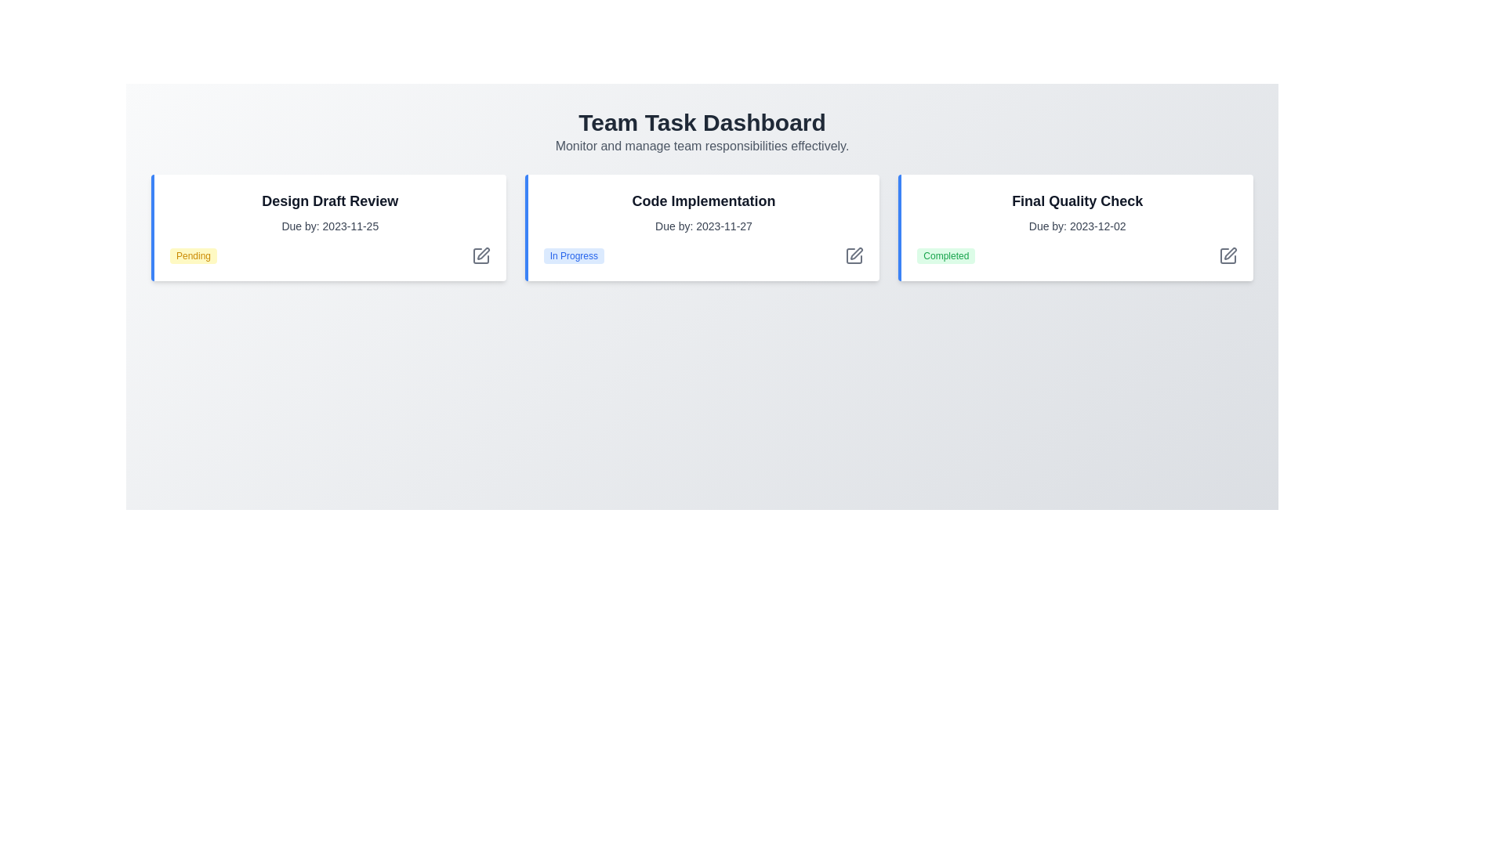 Image resolution: width=1505 pixels, height=846 pixels. I want to click on text from the title label displaying 'Design Draft Review', which is the top line within a card layout, so click(329, 201).